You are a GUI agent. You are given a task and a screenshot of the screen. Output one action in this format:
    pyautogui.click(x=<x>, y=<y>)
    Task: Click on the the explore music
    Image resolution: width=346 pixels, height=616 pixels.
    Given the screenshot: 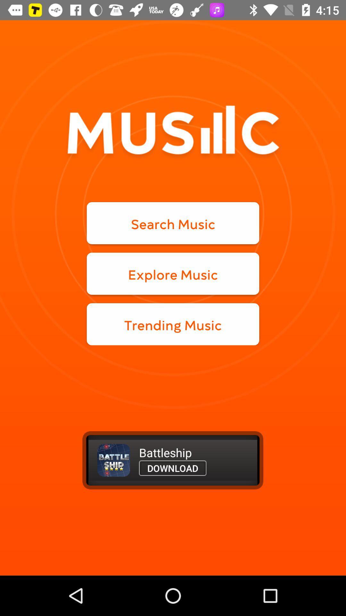 What is the action you would take?
    pyautogui.click(x=173, y=274)
    